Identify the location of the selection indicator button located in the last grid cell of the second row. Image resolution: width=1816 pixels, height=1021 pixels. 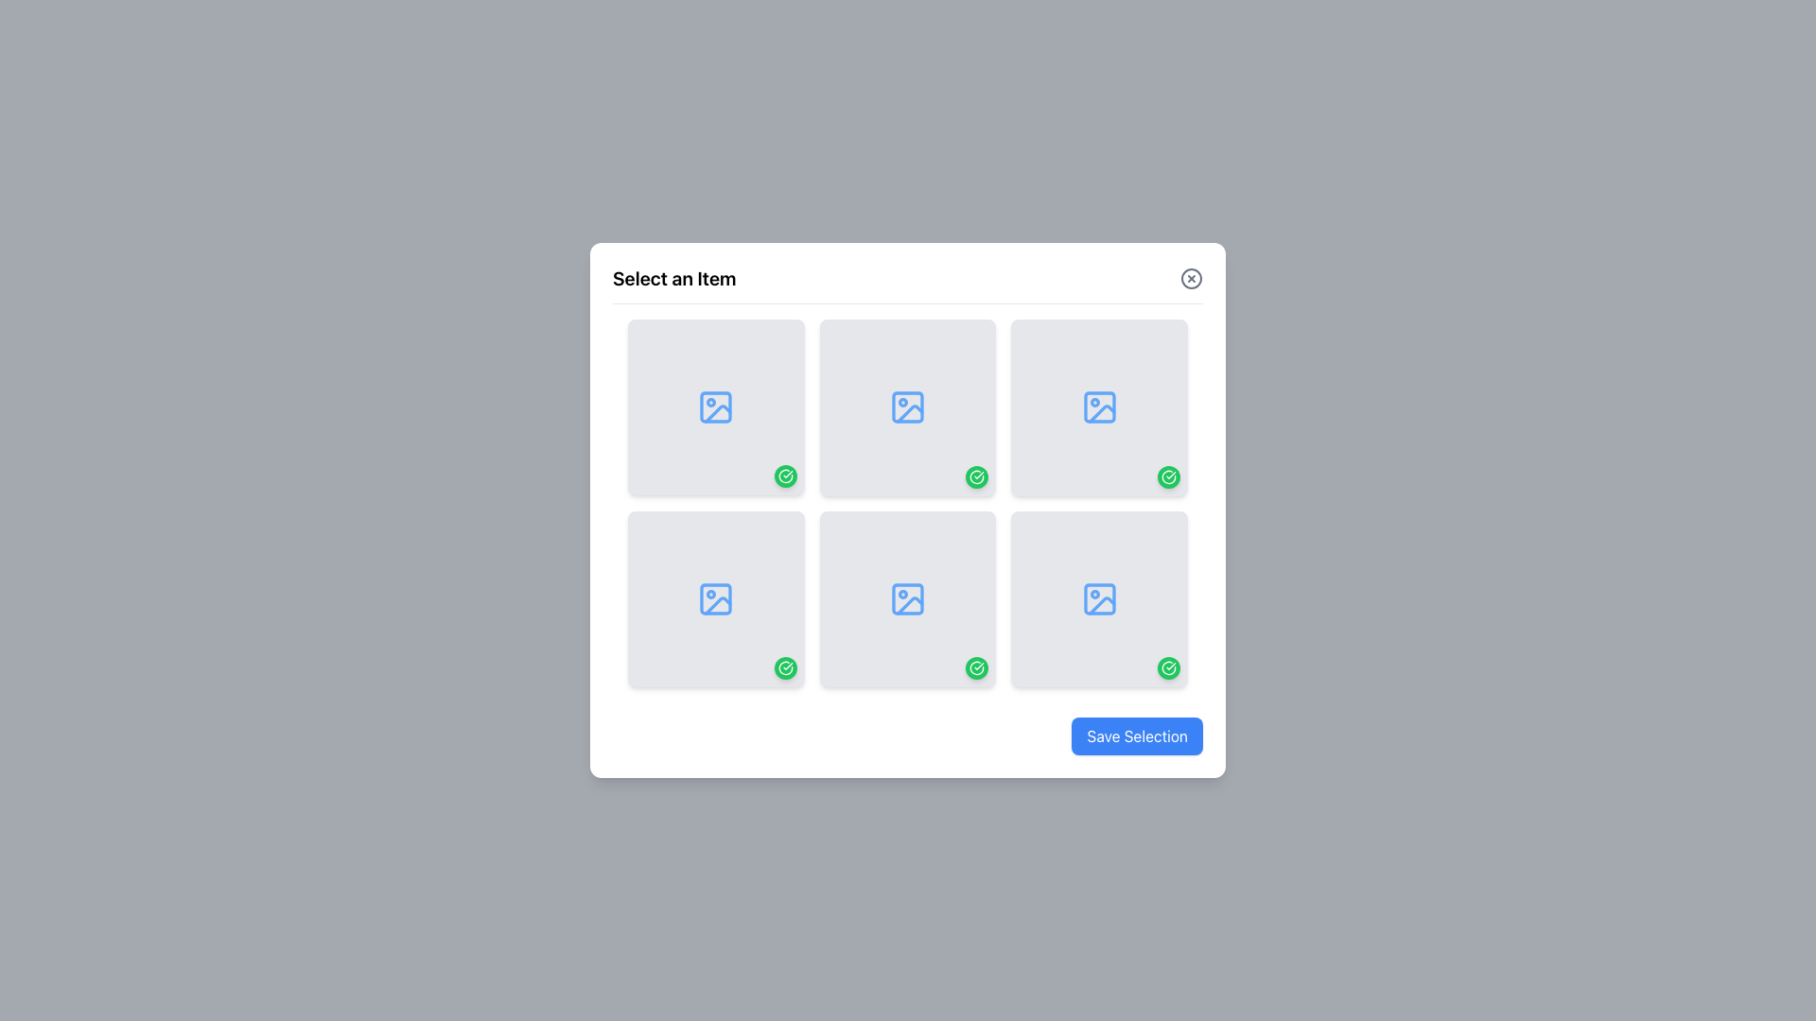
(976, 666).